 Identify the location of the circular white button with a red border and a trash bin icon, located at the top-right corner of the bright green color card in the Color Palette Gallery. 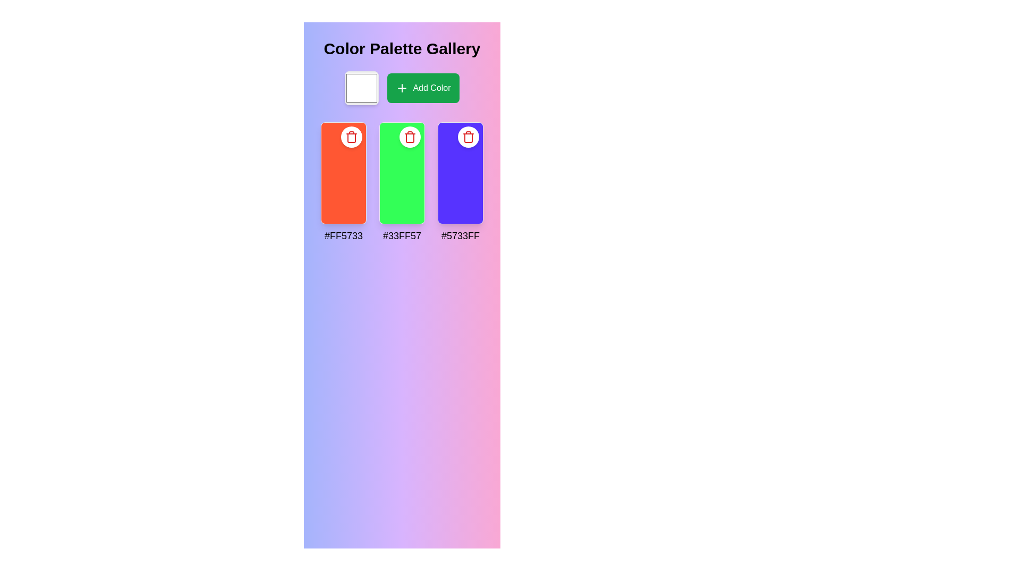
(410, 137).